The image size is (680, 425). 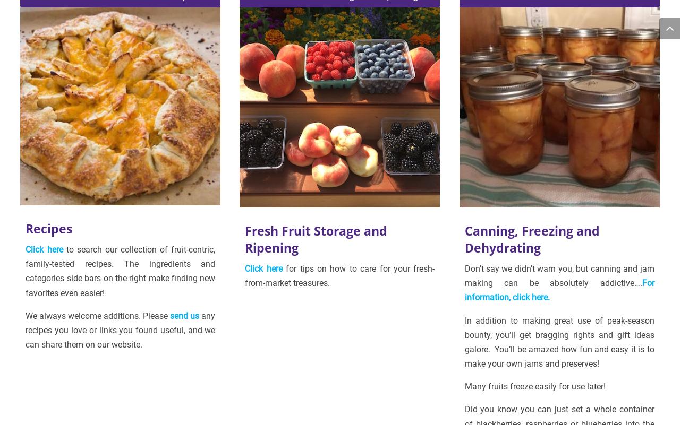 I want to click on 'to search our collection of fruit-centric, family-tested recipes. The ingredients and categories side bars on the right make finding new favorites even easier!', so click(x=120, y=271).